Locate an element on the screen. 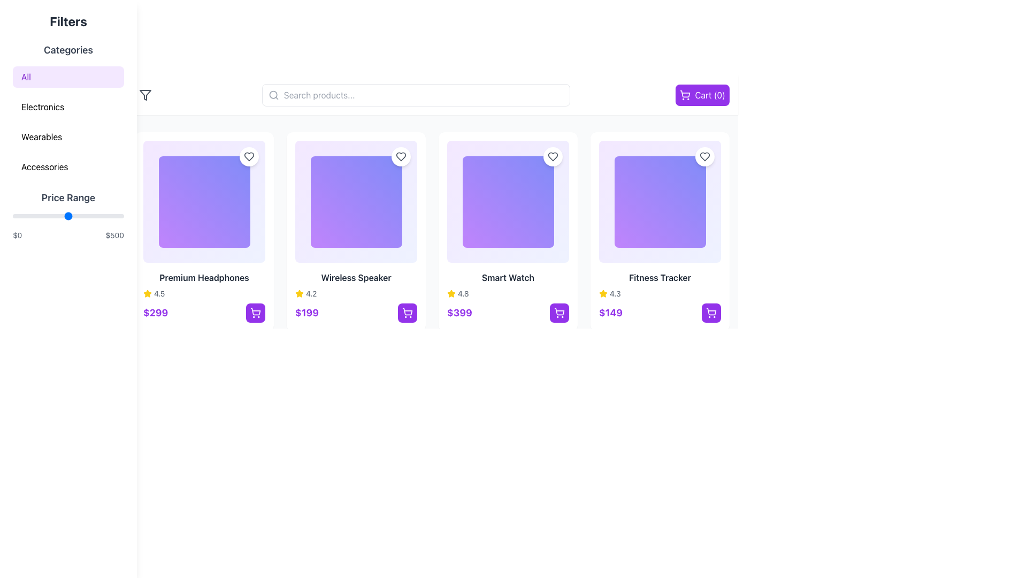 This screenshot has height=578, width=1027. the 'Categories' text header, which is bolded and styled in a darker gray, located at the top of the filtering sidebar above the 'All' button is located at coordinates (68, 50).